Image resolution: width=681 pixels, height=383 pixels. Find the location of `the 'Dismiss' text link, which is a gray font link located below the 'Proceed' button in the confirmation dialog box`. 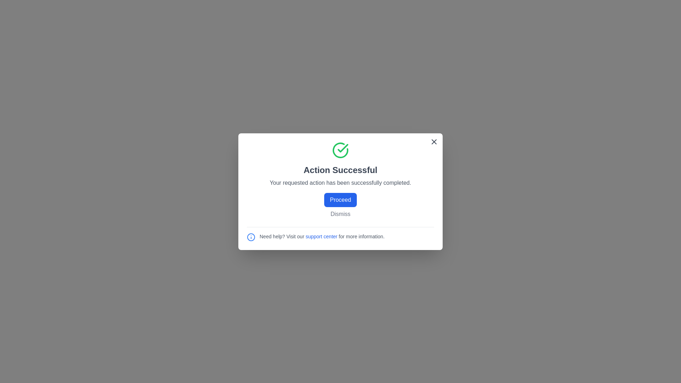

the 'Dismiss' text link, which is a gray font link located below the 'Proceed' button in the confirmation dialog box is located at coordinates (340, 213).